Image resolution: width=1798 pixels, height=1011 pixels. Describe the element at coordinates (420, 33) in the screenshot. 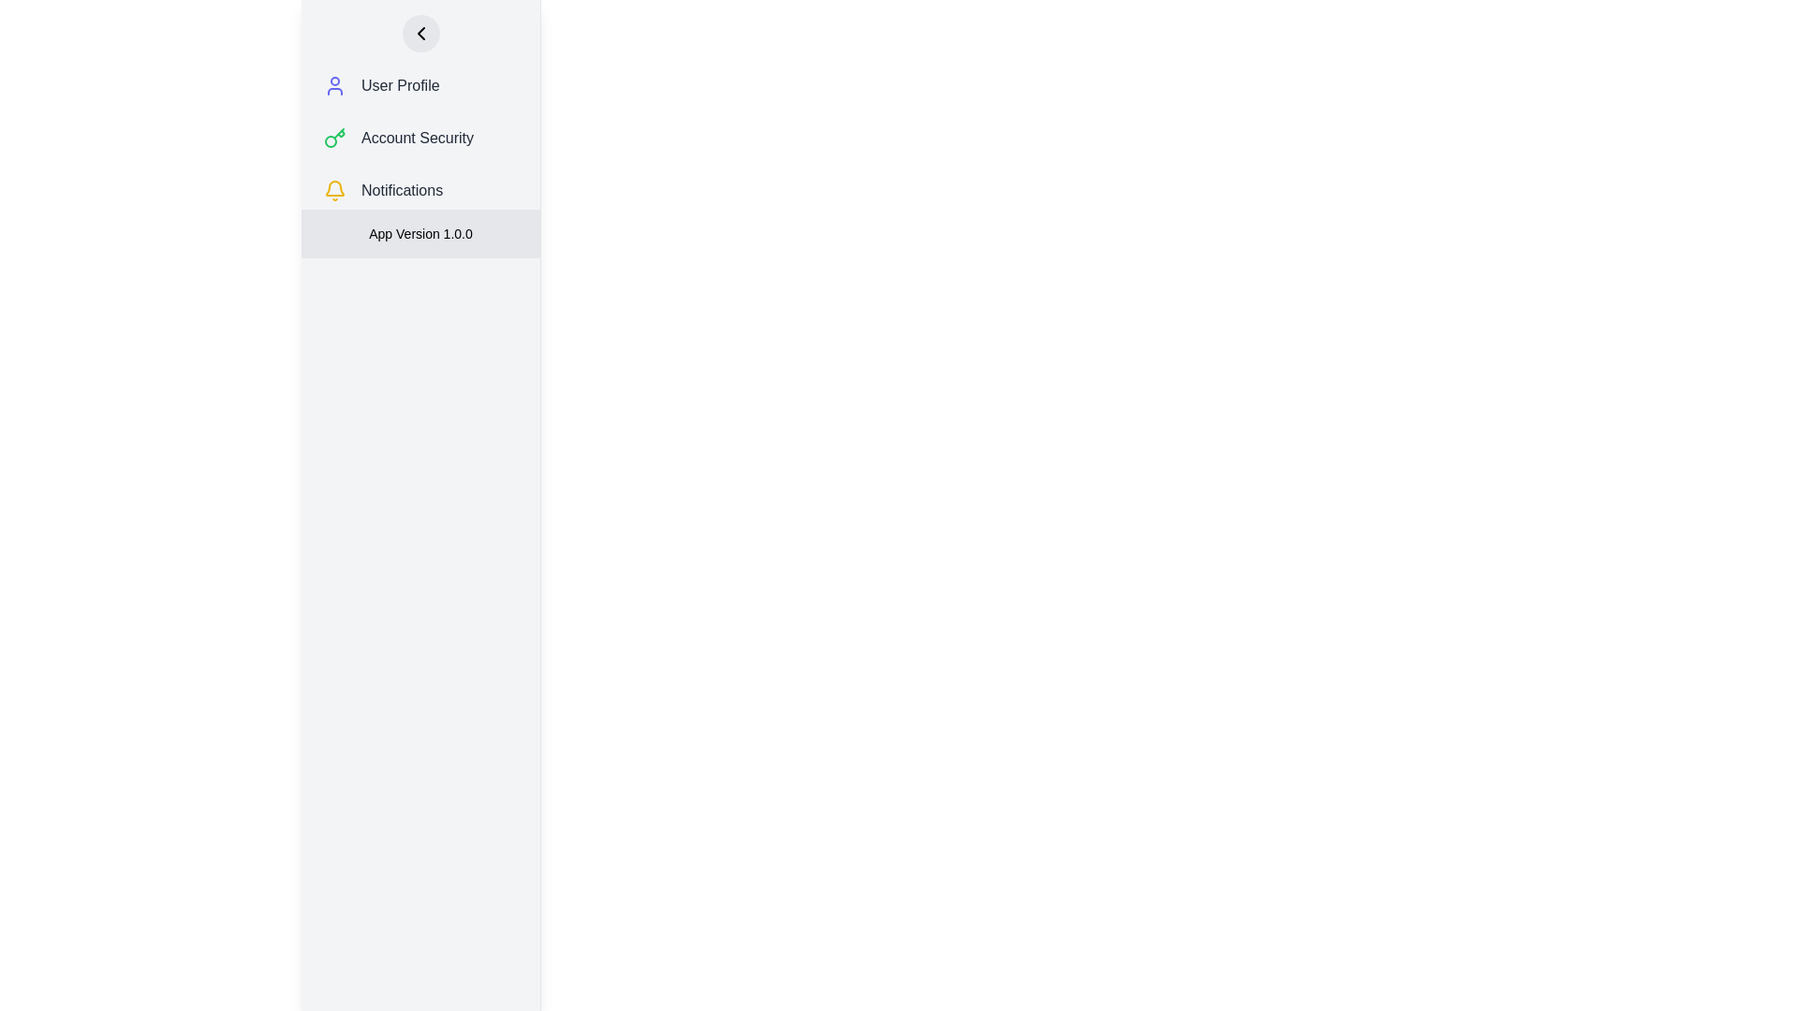

I see `the leftward-pointing chevron icon in the circular button at the top of the vertical list` at that location.